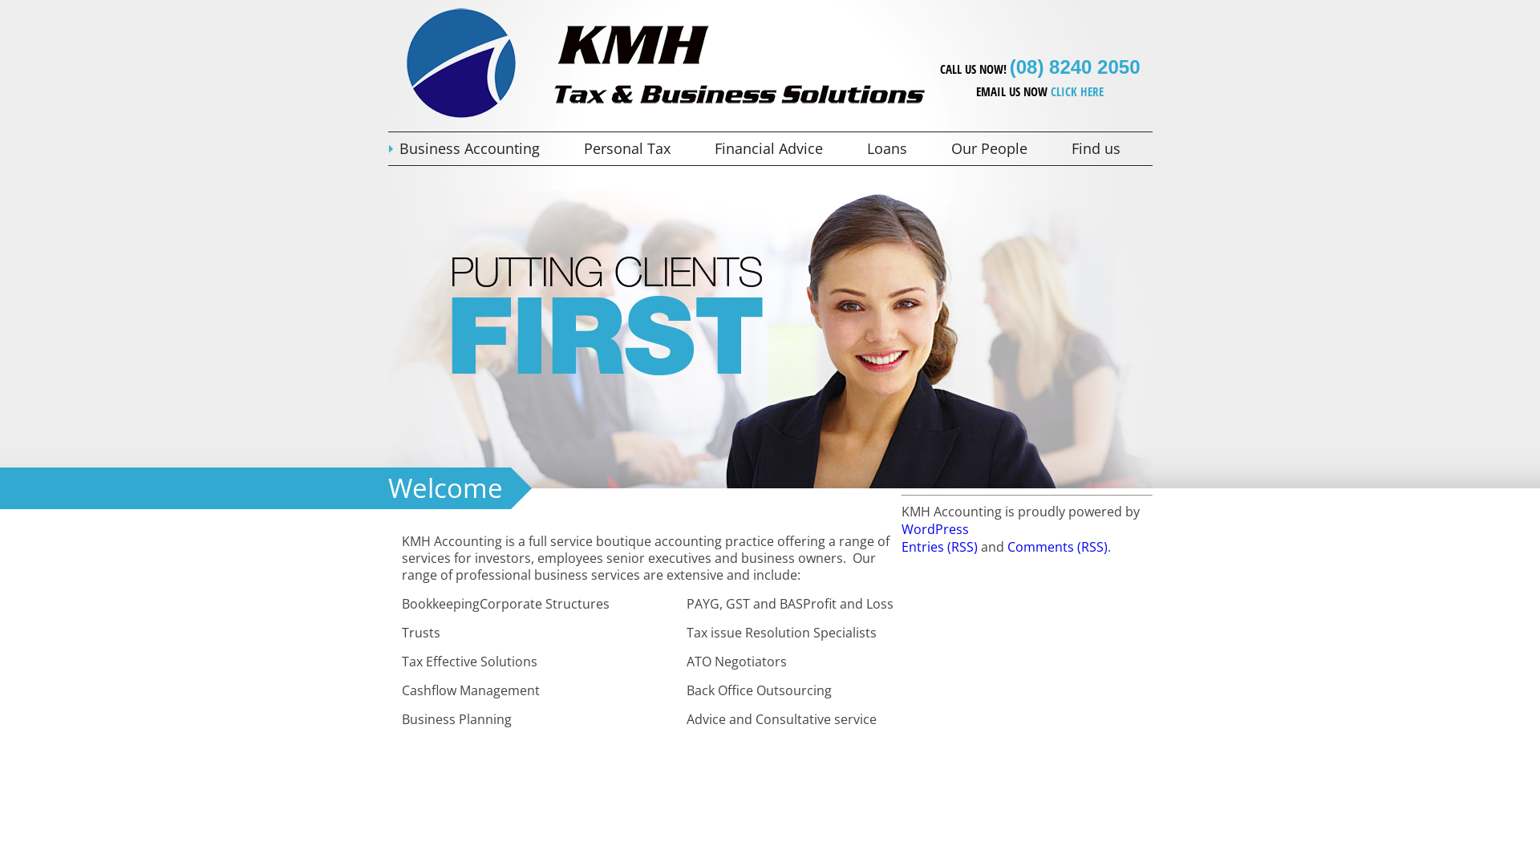 This screenshot has width=1540, height=866. I want to click on 'WordPress', so click(935, 528).